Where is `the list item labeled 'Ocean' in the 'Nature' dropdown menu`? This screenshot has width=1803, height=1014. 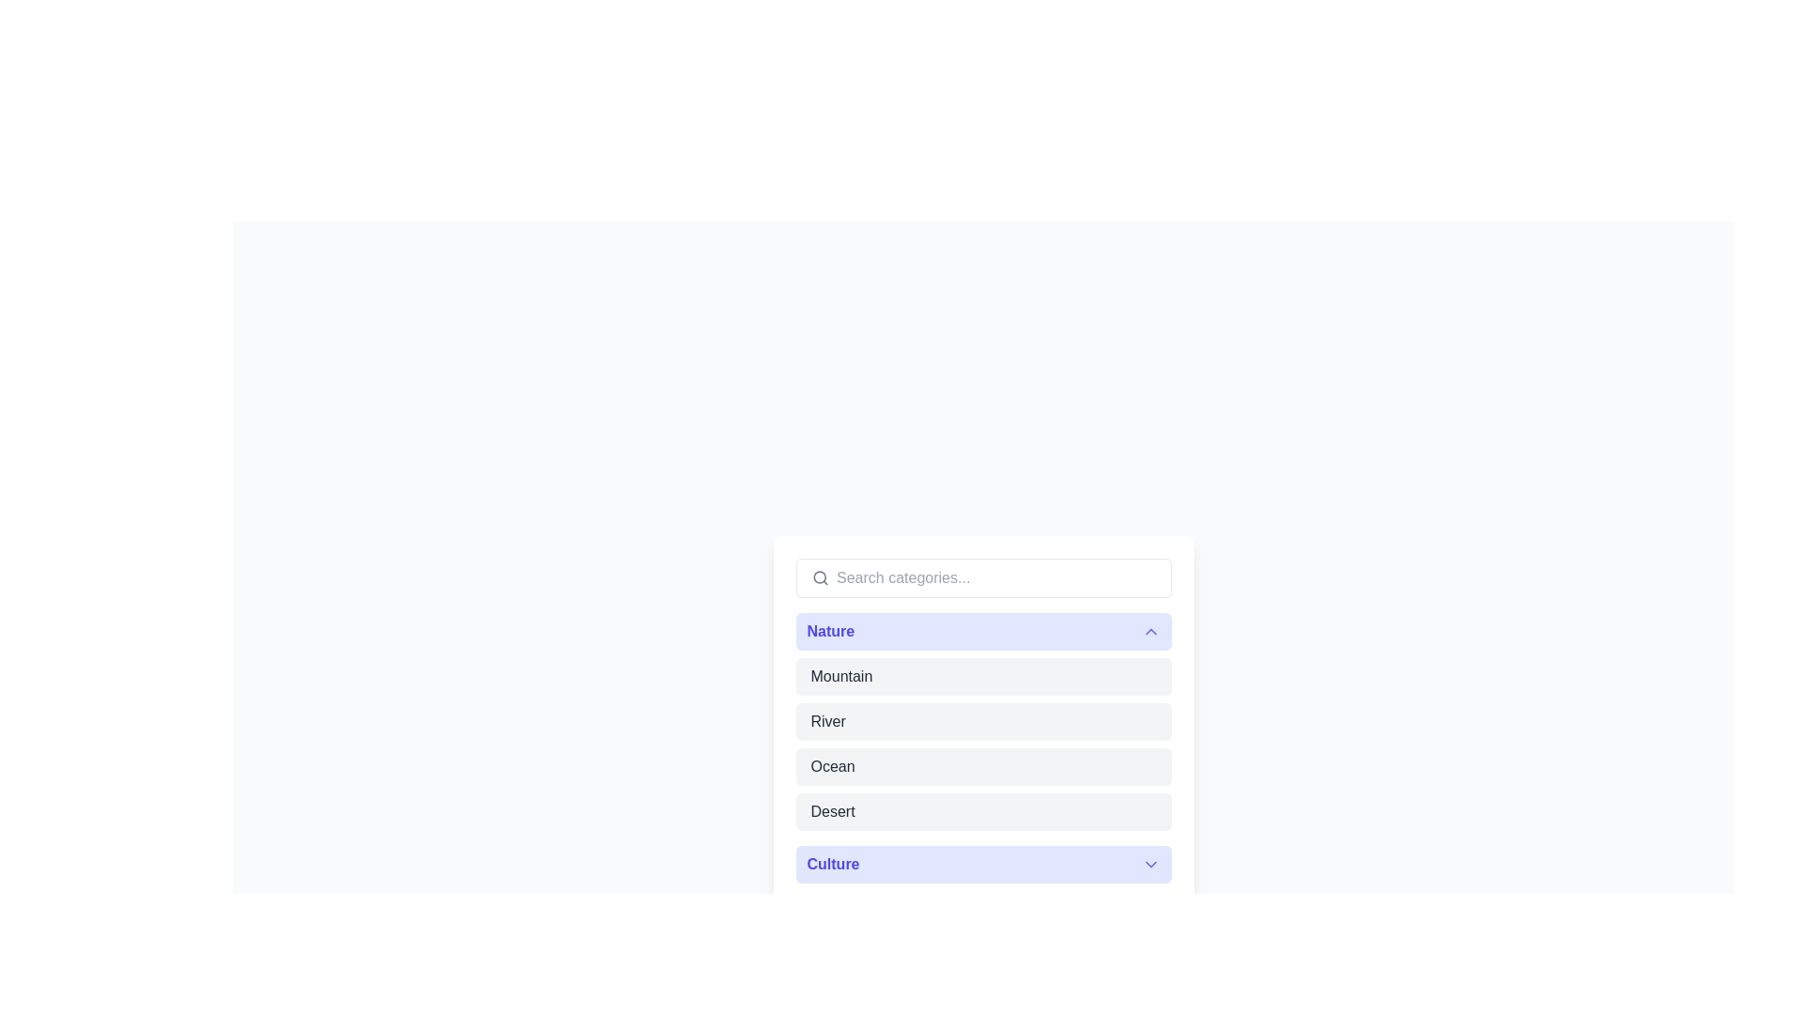
the list item labeled 'Ocean' in the 'Nature' dropdown menu is located at coordinates (982, 767).